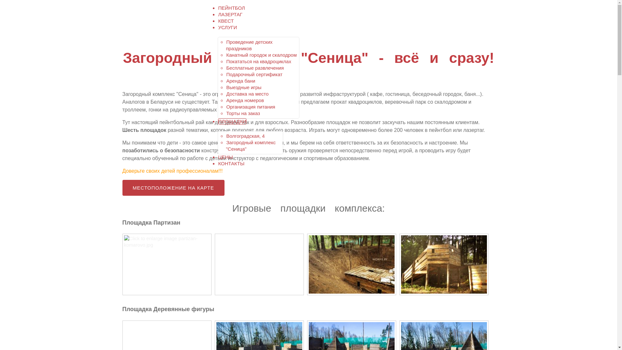 This screenshot has width=622, height=350. Describe the element at coordinates (401, 264) in the screenshot. I see `'Click to enlarge image ploschadka-dlya-lazertaga.jpg'` at that location.